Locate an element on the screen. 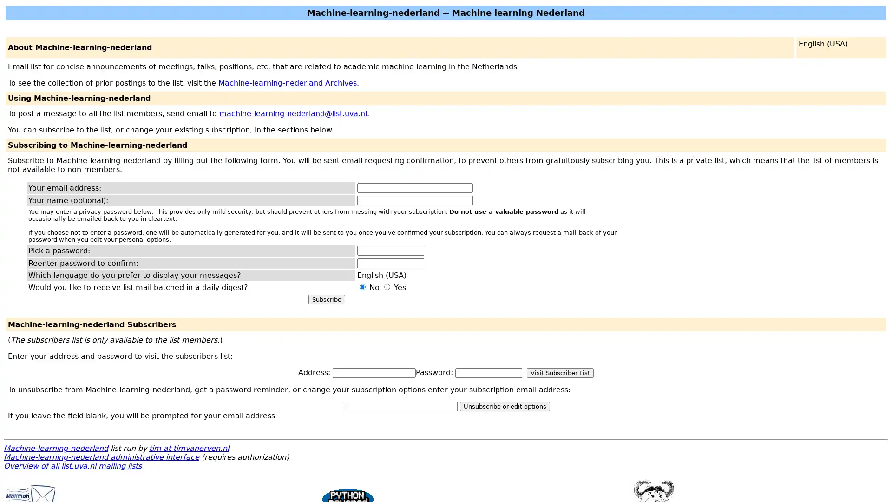 The height and width of the screenshot is (502, 892). Subscribe is located at coordinates (326, 299).